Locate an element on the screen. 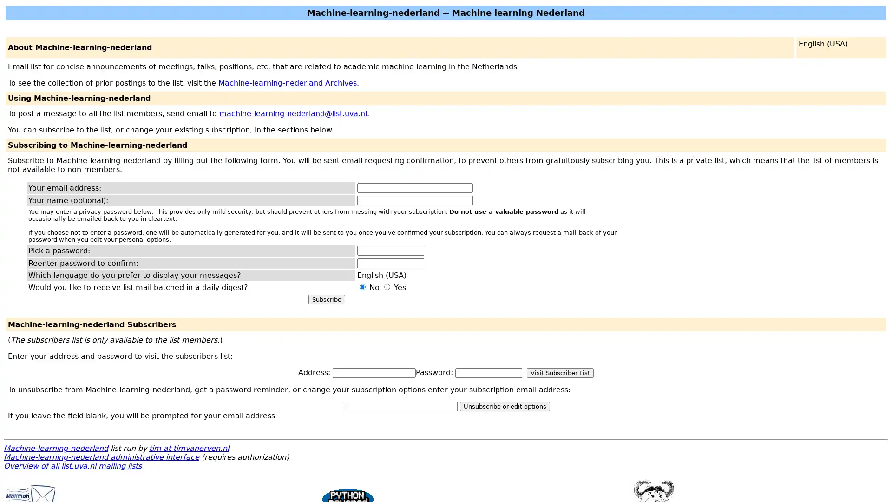 The height and width of the screenshot is (502, 892). Subscribe is located at coordinates (326, 299).